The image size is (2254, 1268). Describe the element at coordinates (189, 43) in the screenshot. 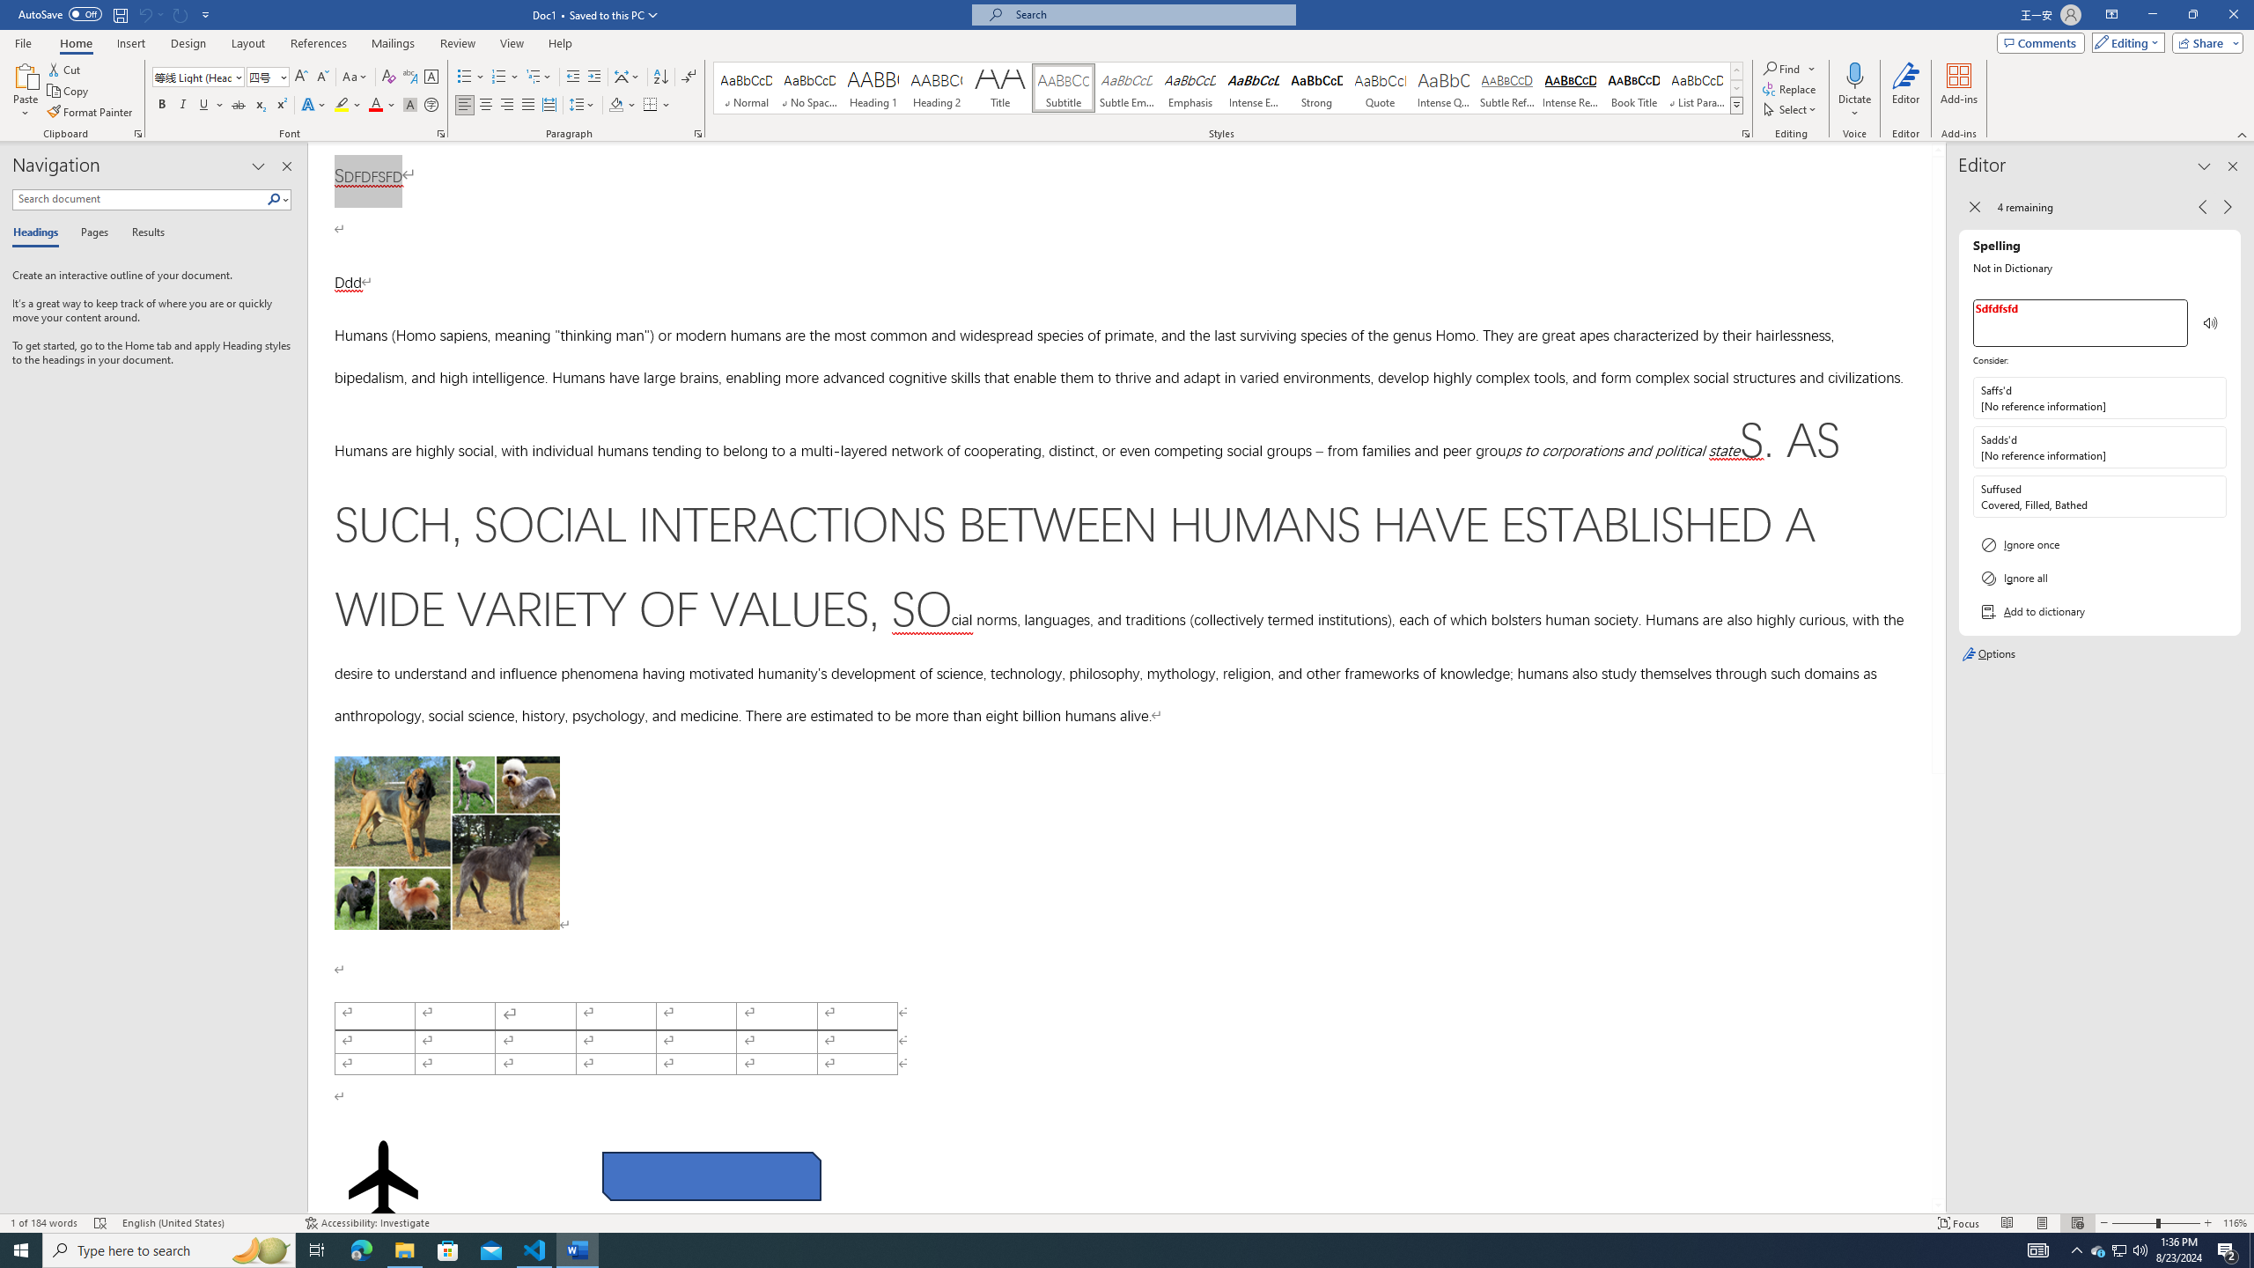

I see `'Design'` at that location.